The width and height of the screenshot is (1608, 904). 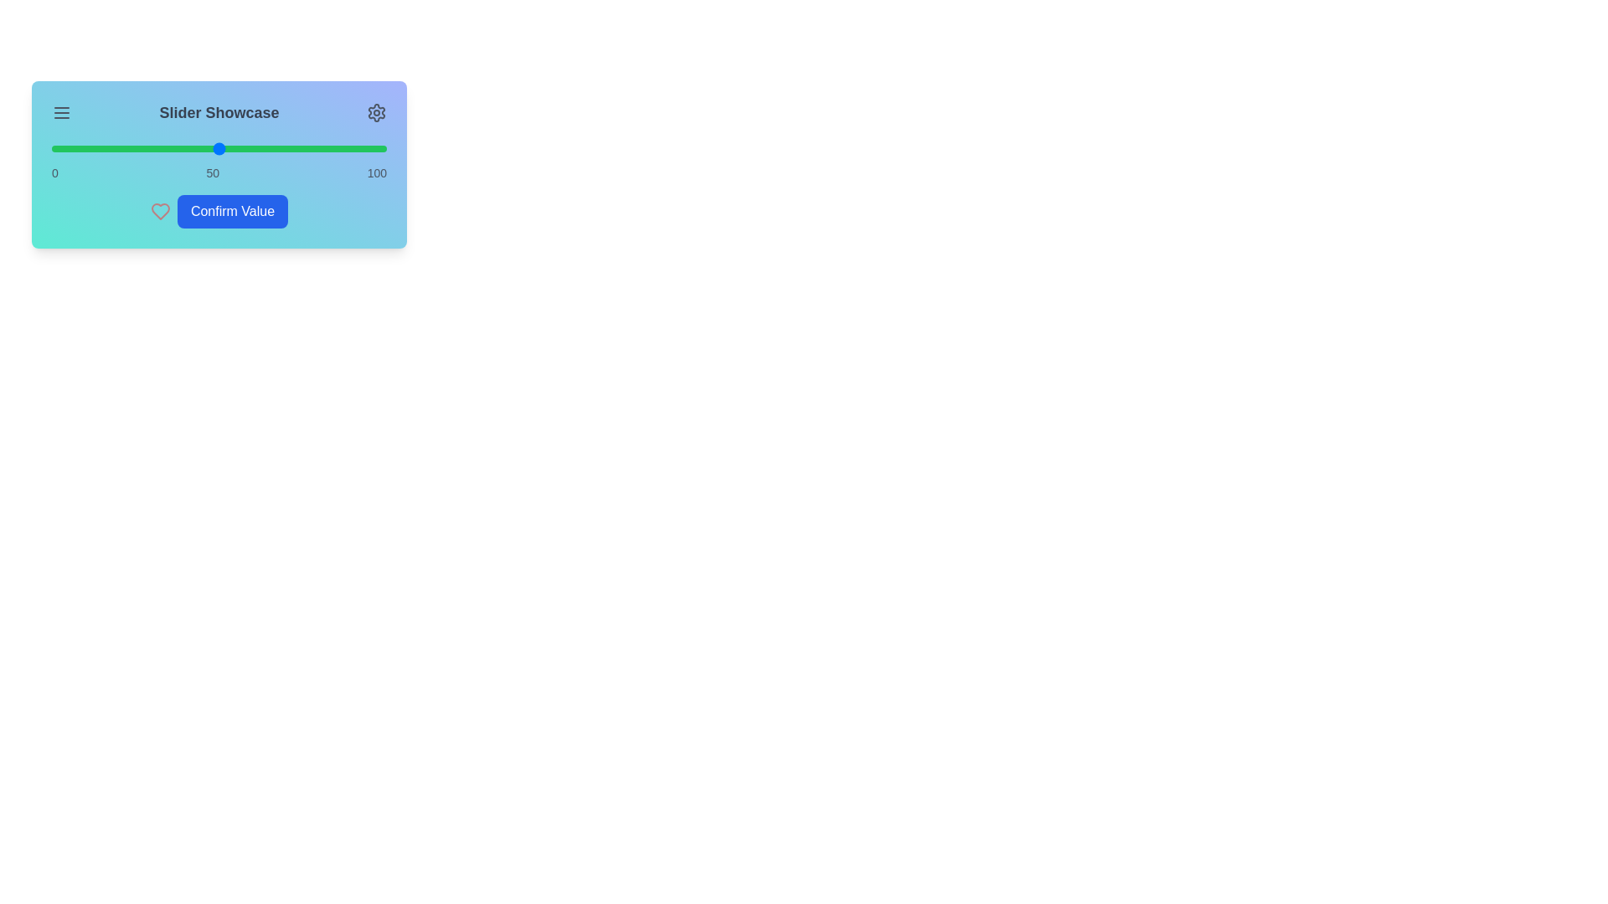 What do you see at coordinates (161, 211) in the screenshot?
I see `the Heart icon` at bounding box center [161, 211].